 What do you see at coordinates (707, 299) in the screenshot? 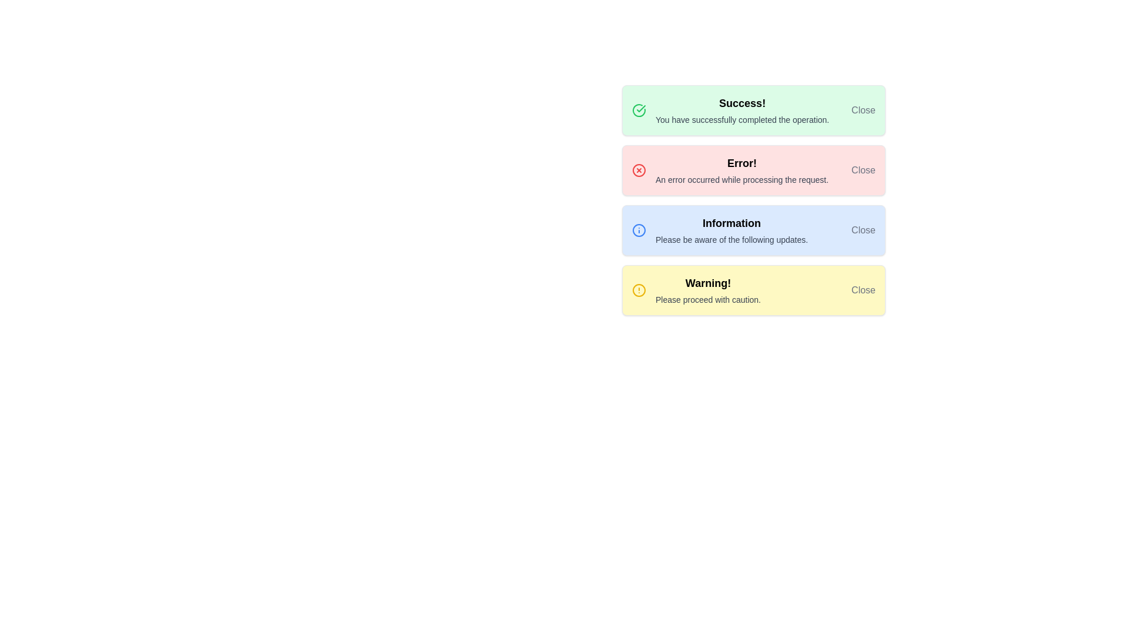
I see `the supplementary text element that provides additional details or instructions related to the 'Warning!' notification, located within the yellow notification block` at bounding box center [707, 299].